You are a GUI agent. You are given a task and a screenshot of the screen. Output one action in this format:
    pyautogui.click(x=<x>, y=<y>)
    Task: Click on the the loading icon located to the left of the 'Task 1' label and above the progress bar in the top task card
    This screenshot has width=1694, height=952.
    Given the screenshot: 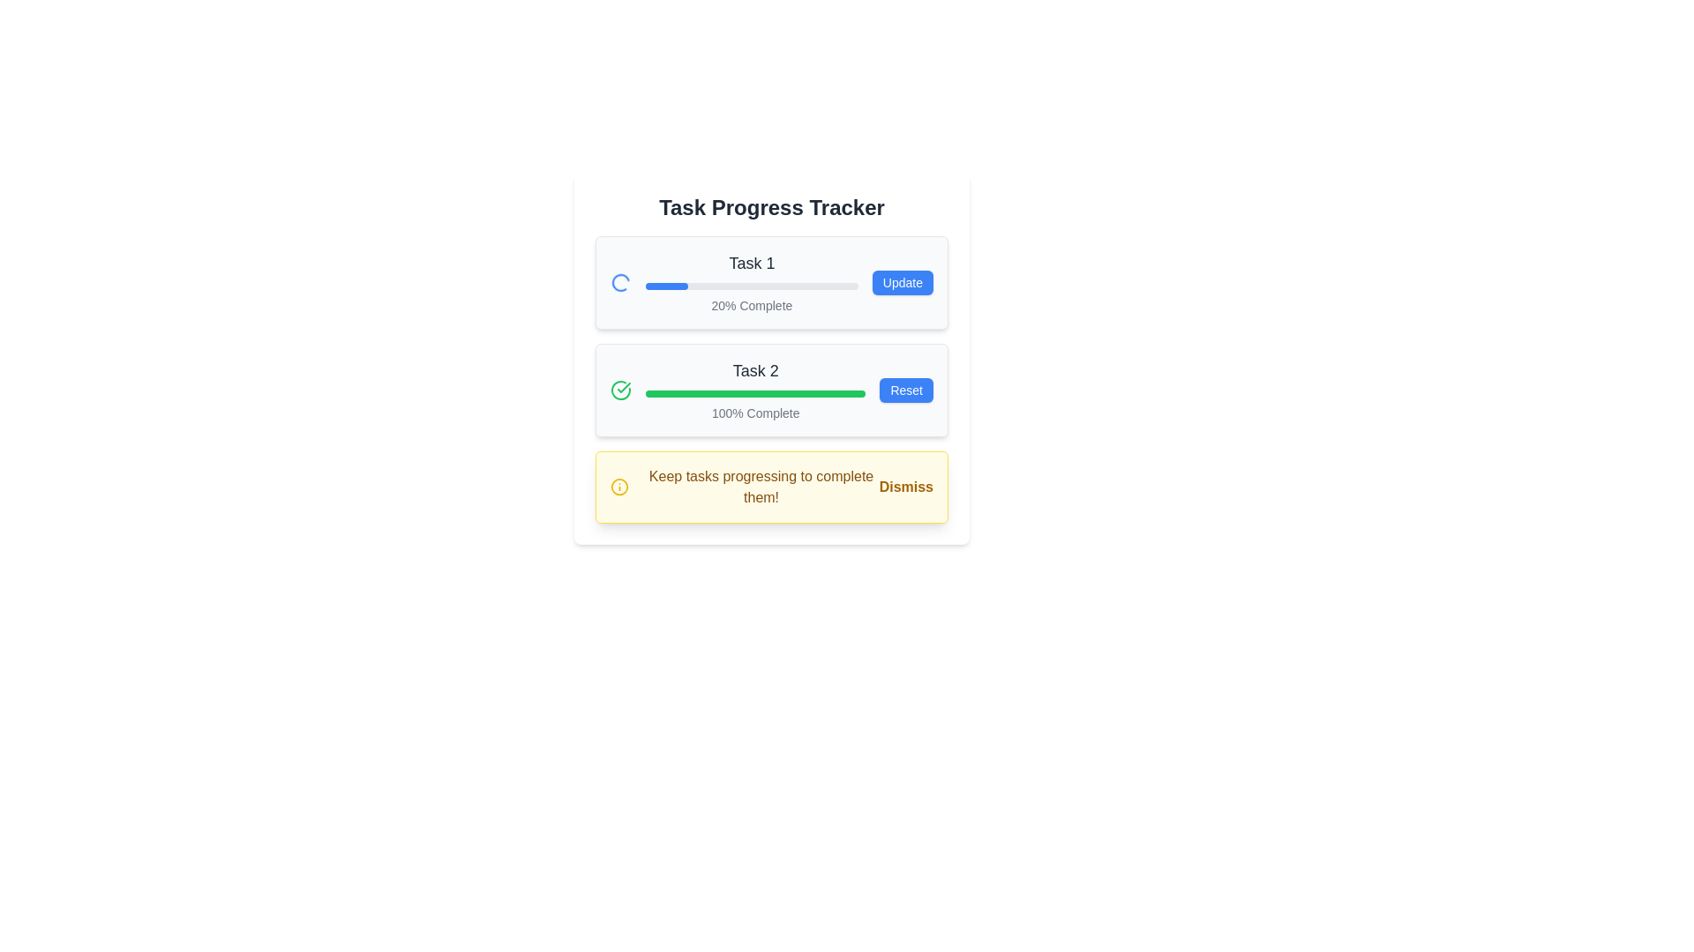 What is the action you would take?
    pyautogui.click(x=621, y=281)
    